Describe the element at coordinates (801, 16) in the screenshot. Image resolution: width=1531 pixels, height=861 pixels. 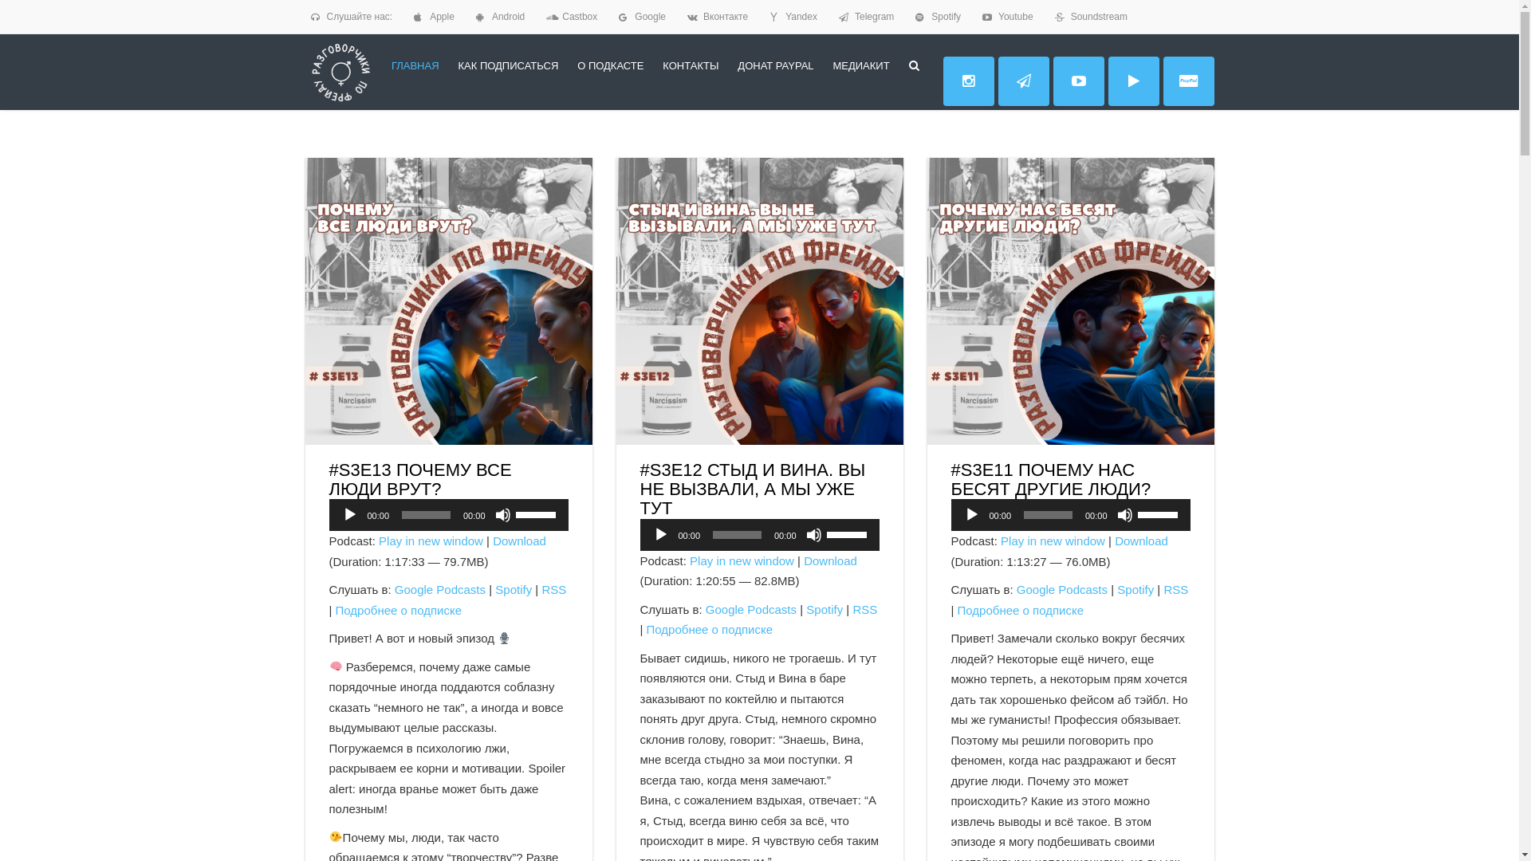
I see `'Yandex'` at that location.